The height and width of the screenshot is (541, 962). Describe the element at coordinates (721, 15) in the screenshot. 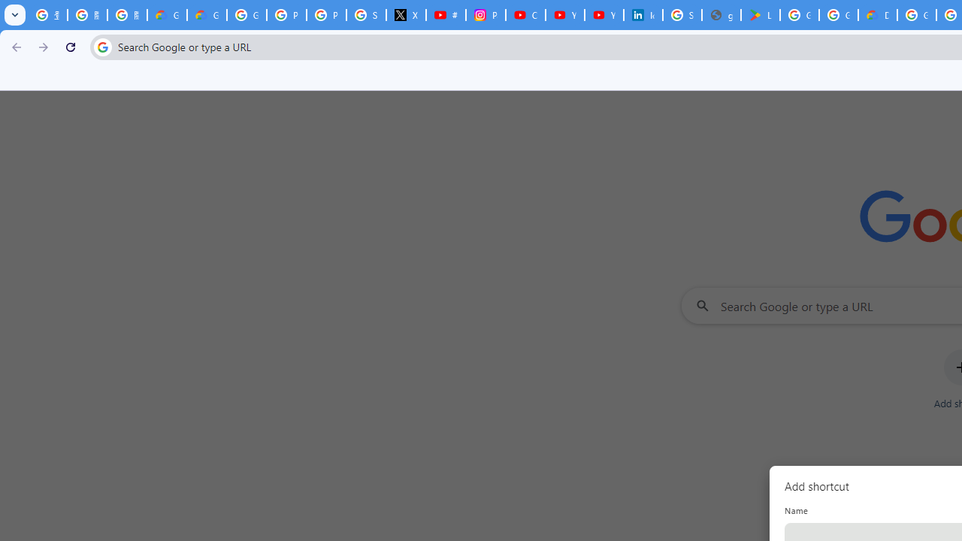

I see `'google_privacy_policy_en.pdf'` at that location.